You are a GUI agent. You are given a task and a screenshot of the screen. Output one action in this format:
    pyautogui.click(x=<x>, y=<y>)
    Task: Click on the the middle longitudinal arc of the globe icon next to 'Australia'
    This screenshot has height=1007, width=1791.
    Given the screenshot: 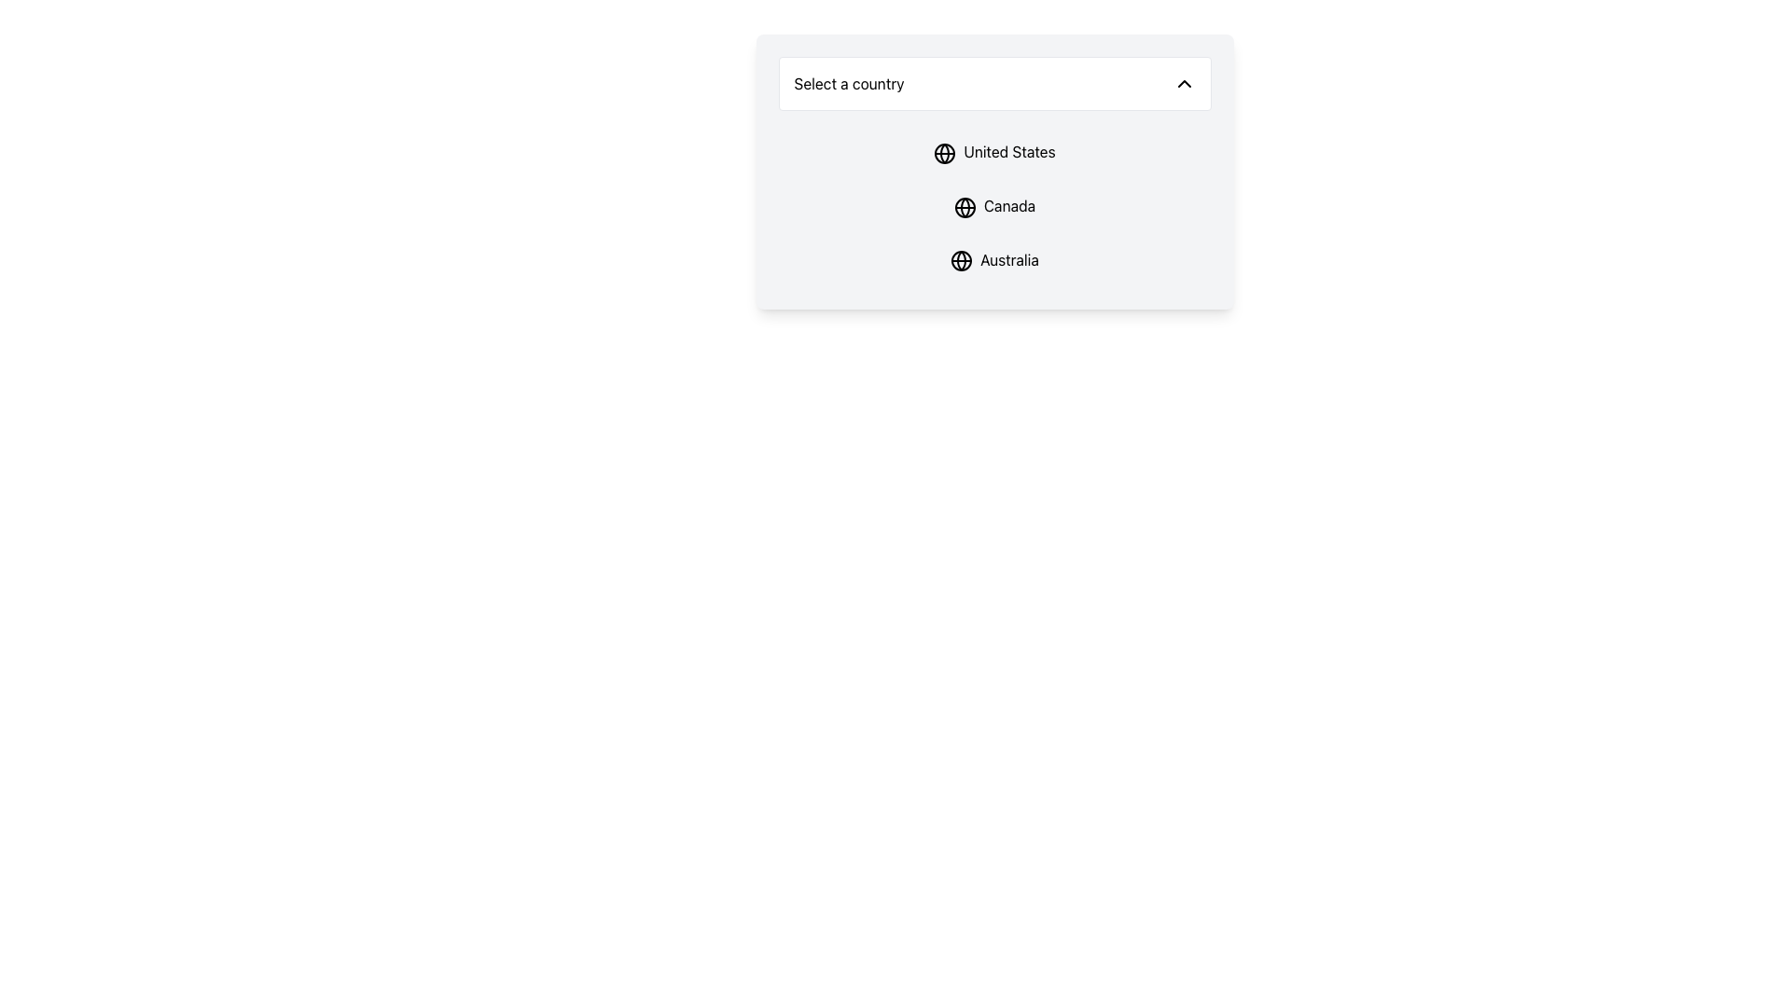 What is the action you would take?
    pyautogui.click(x=962, y=261)
    